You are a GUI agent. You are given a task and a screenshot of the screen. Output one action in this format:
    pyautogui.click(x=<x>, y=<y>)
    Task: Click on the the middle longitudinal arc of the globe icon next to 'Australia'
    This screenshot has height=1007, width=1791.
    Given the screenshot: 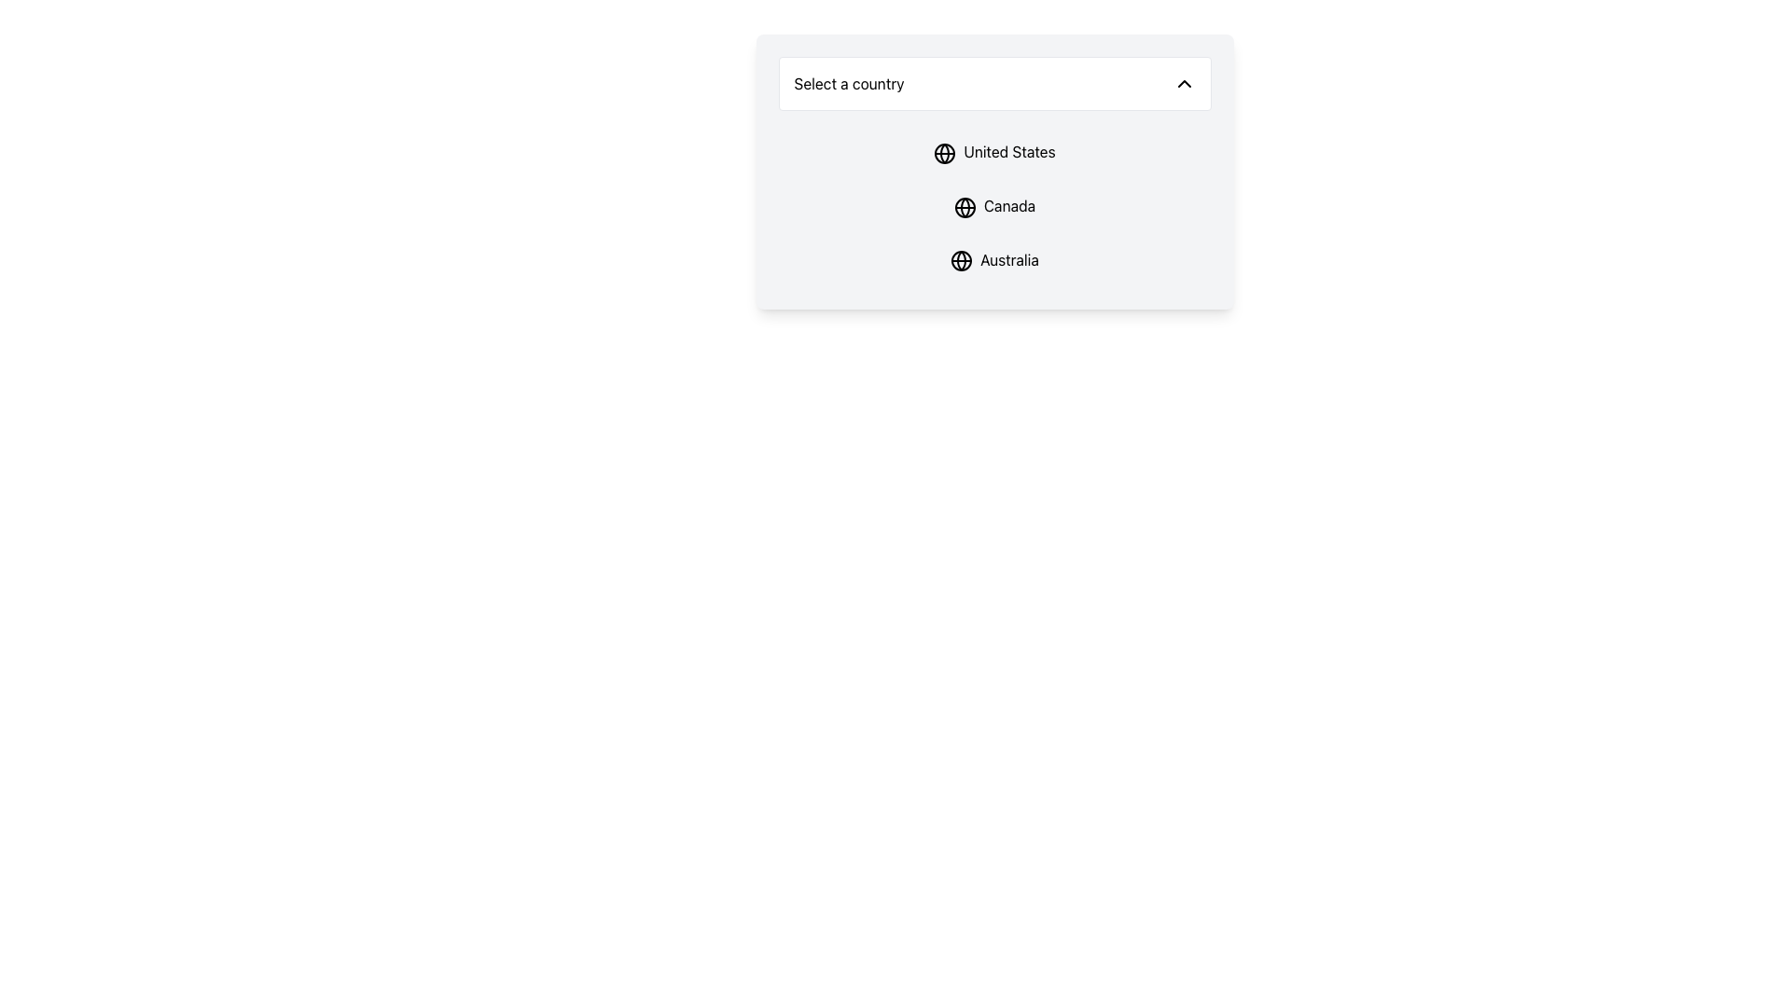 What is the action you would take?
    pyautogui.click(x=962, y=261)
    